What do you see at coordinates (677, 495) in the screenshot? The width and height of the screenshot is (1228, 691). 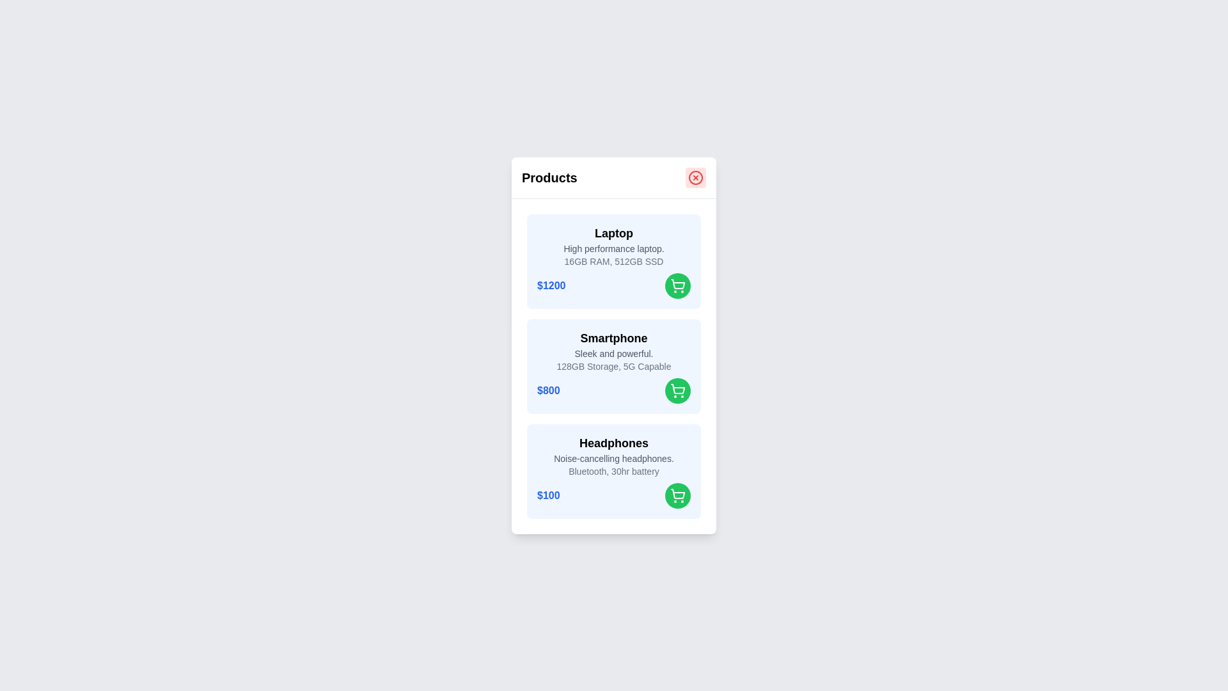 I see `the green shopping cart button corresponding to the Headphones product to add it to the cart` at bounding box center [677, 495].